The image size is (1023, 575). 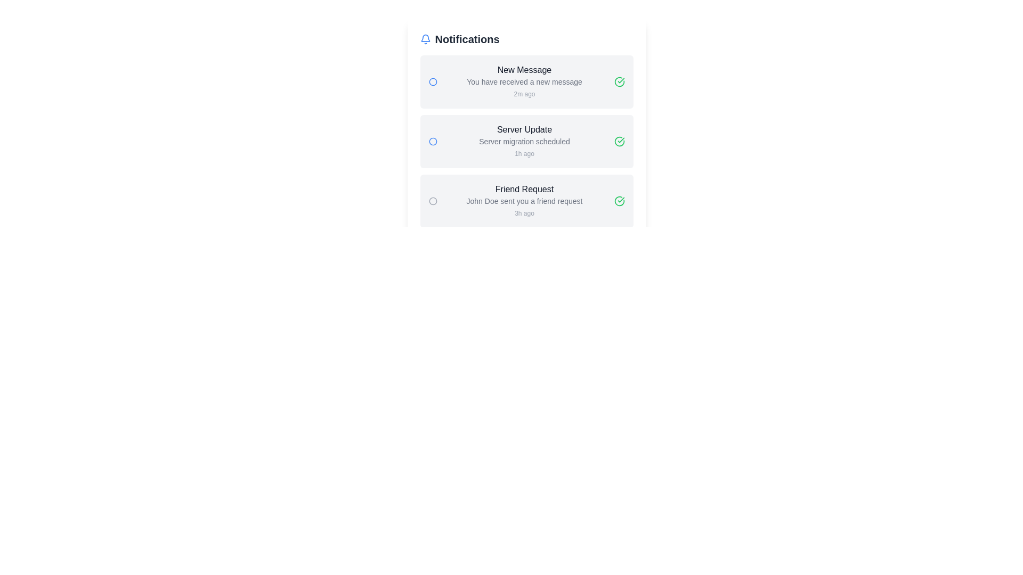 I want to click on timestamp information displayed as '1h ago' in a light gray color at the bottom-right corner of the 'Server Update' notification item, so click(x=524, y=154).